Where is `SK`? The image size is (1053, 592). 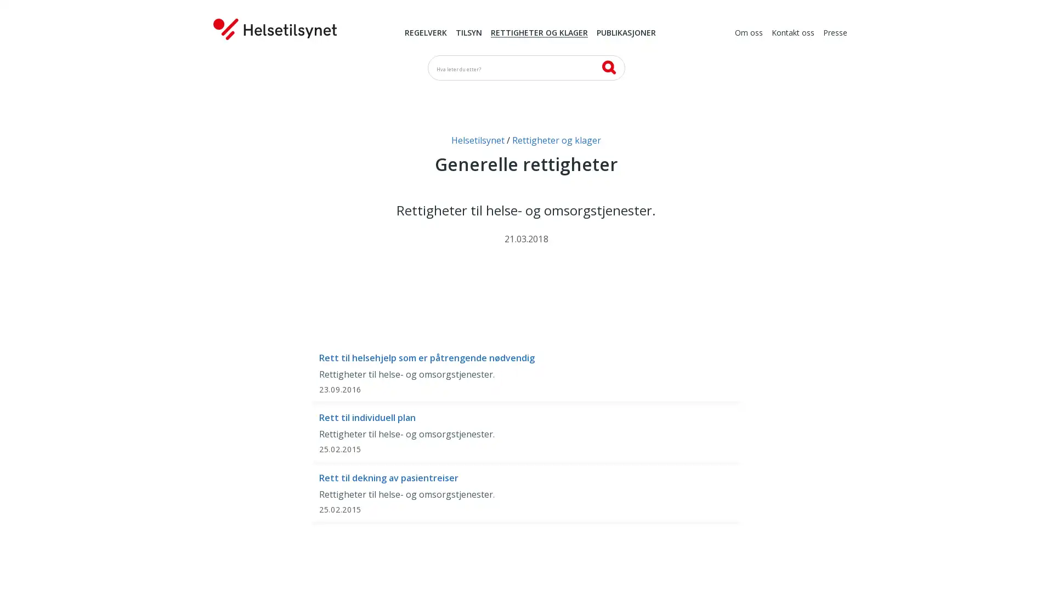 SK is located at coordinates (608, 67).